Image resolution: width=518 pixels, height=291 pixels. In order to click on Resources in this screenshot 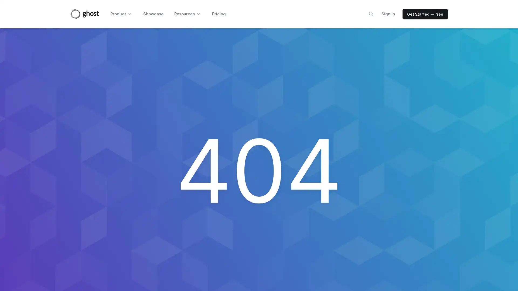, I will do `click(188, 13)`.